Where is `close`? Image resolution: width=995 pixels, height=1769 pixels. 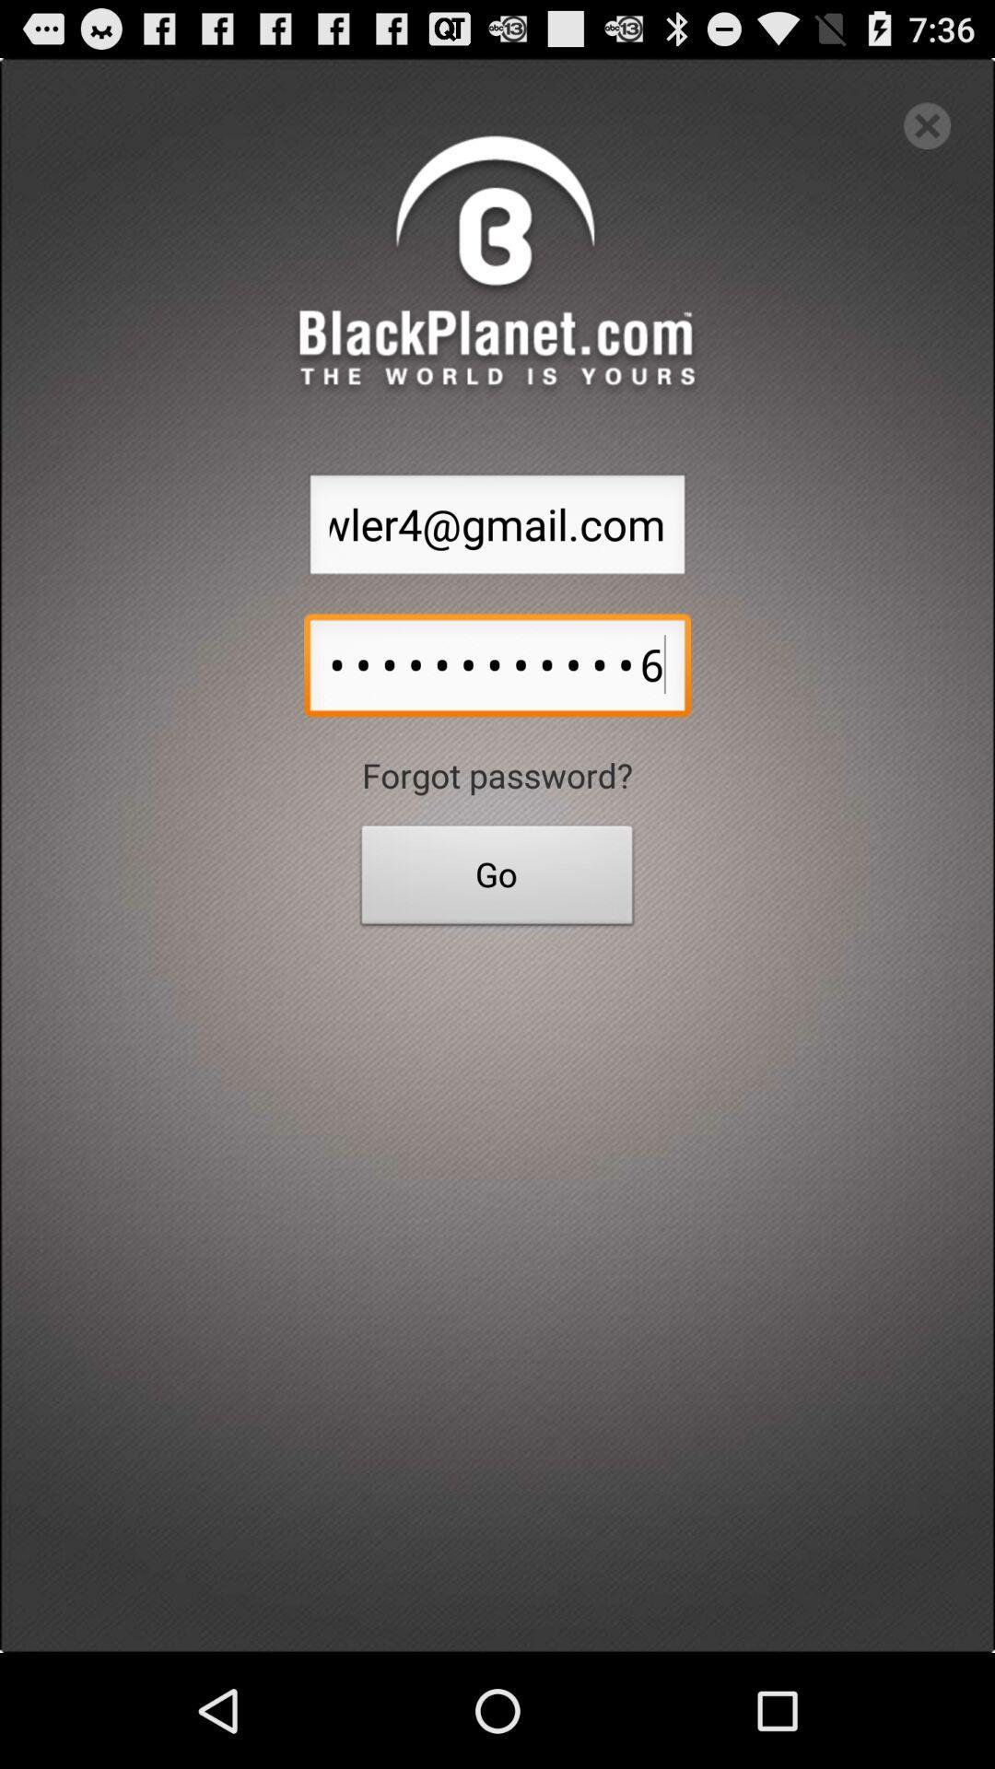 close is located at coordinates (927, 124).